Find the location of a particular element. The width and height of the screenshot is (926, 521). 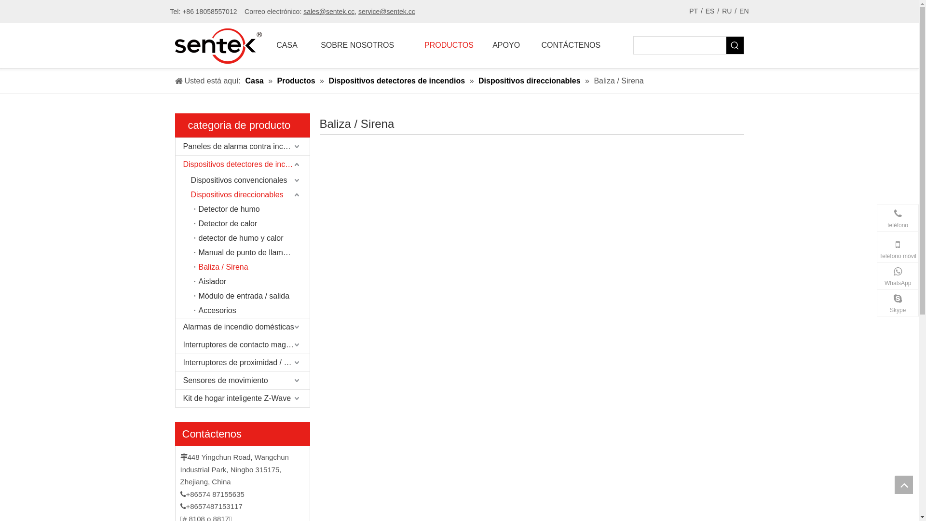

'service@sentek.cc' is located at coordinates (386, 11).